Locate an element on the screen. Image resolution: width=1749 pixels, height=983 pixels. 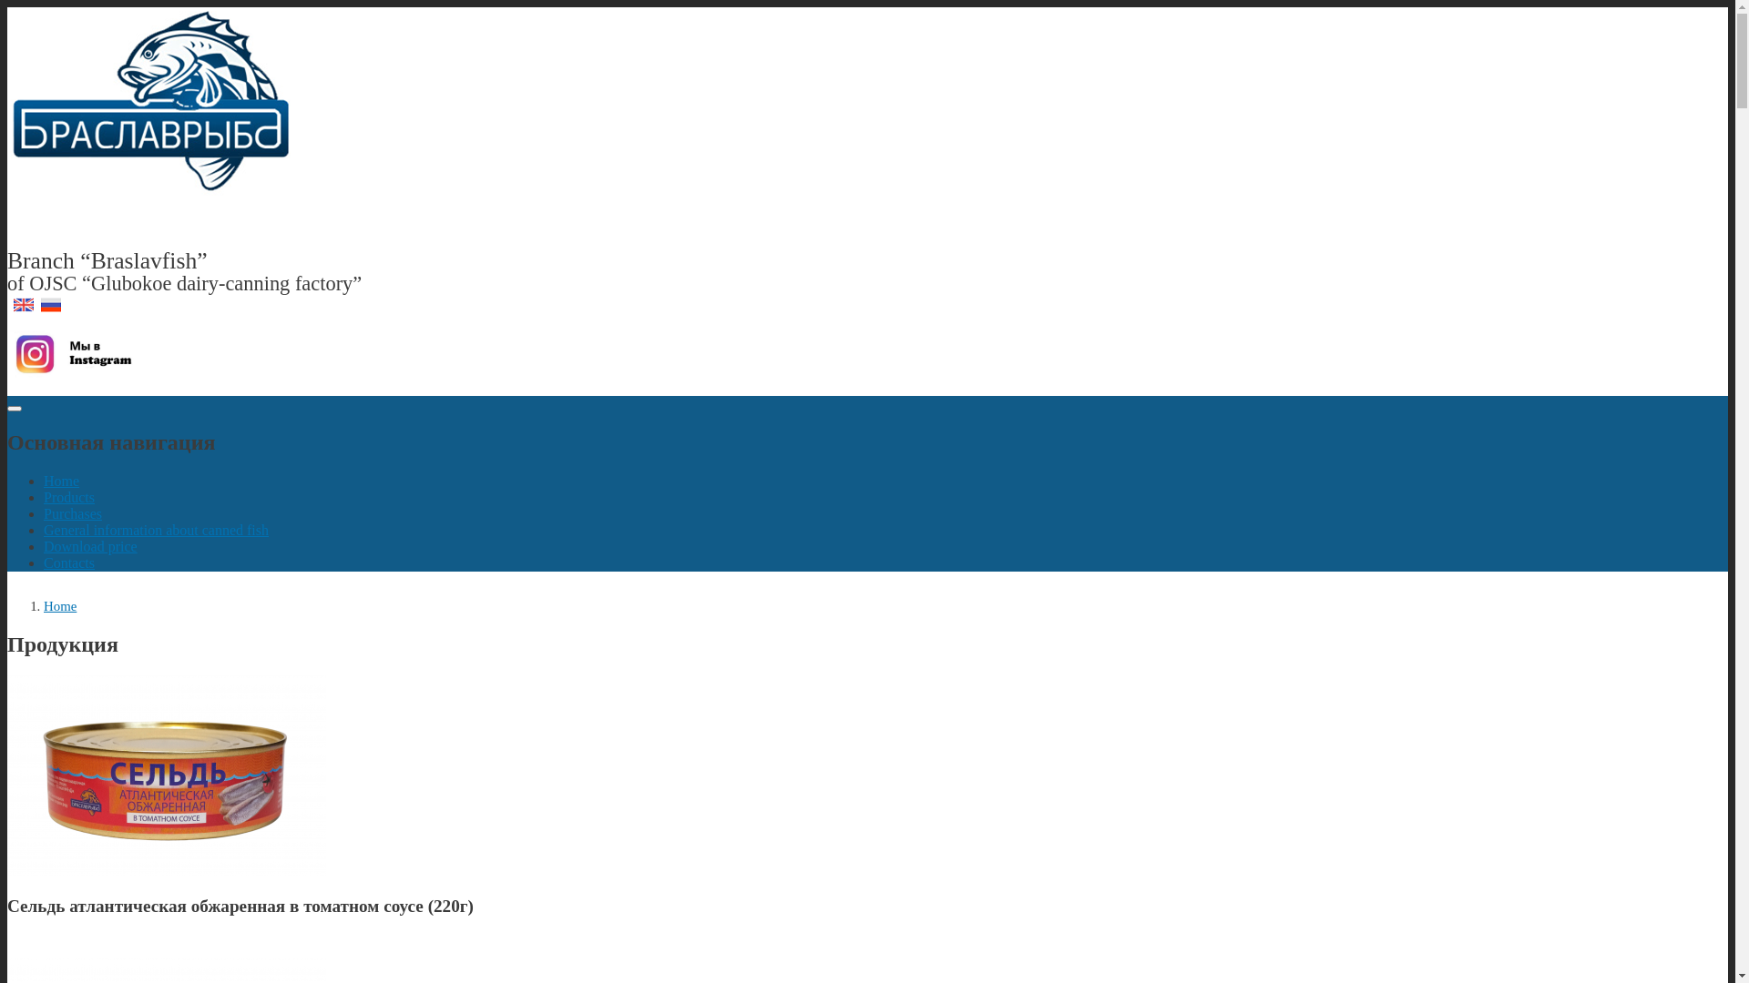
'Home' is located at coordinates (60, 606).